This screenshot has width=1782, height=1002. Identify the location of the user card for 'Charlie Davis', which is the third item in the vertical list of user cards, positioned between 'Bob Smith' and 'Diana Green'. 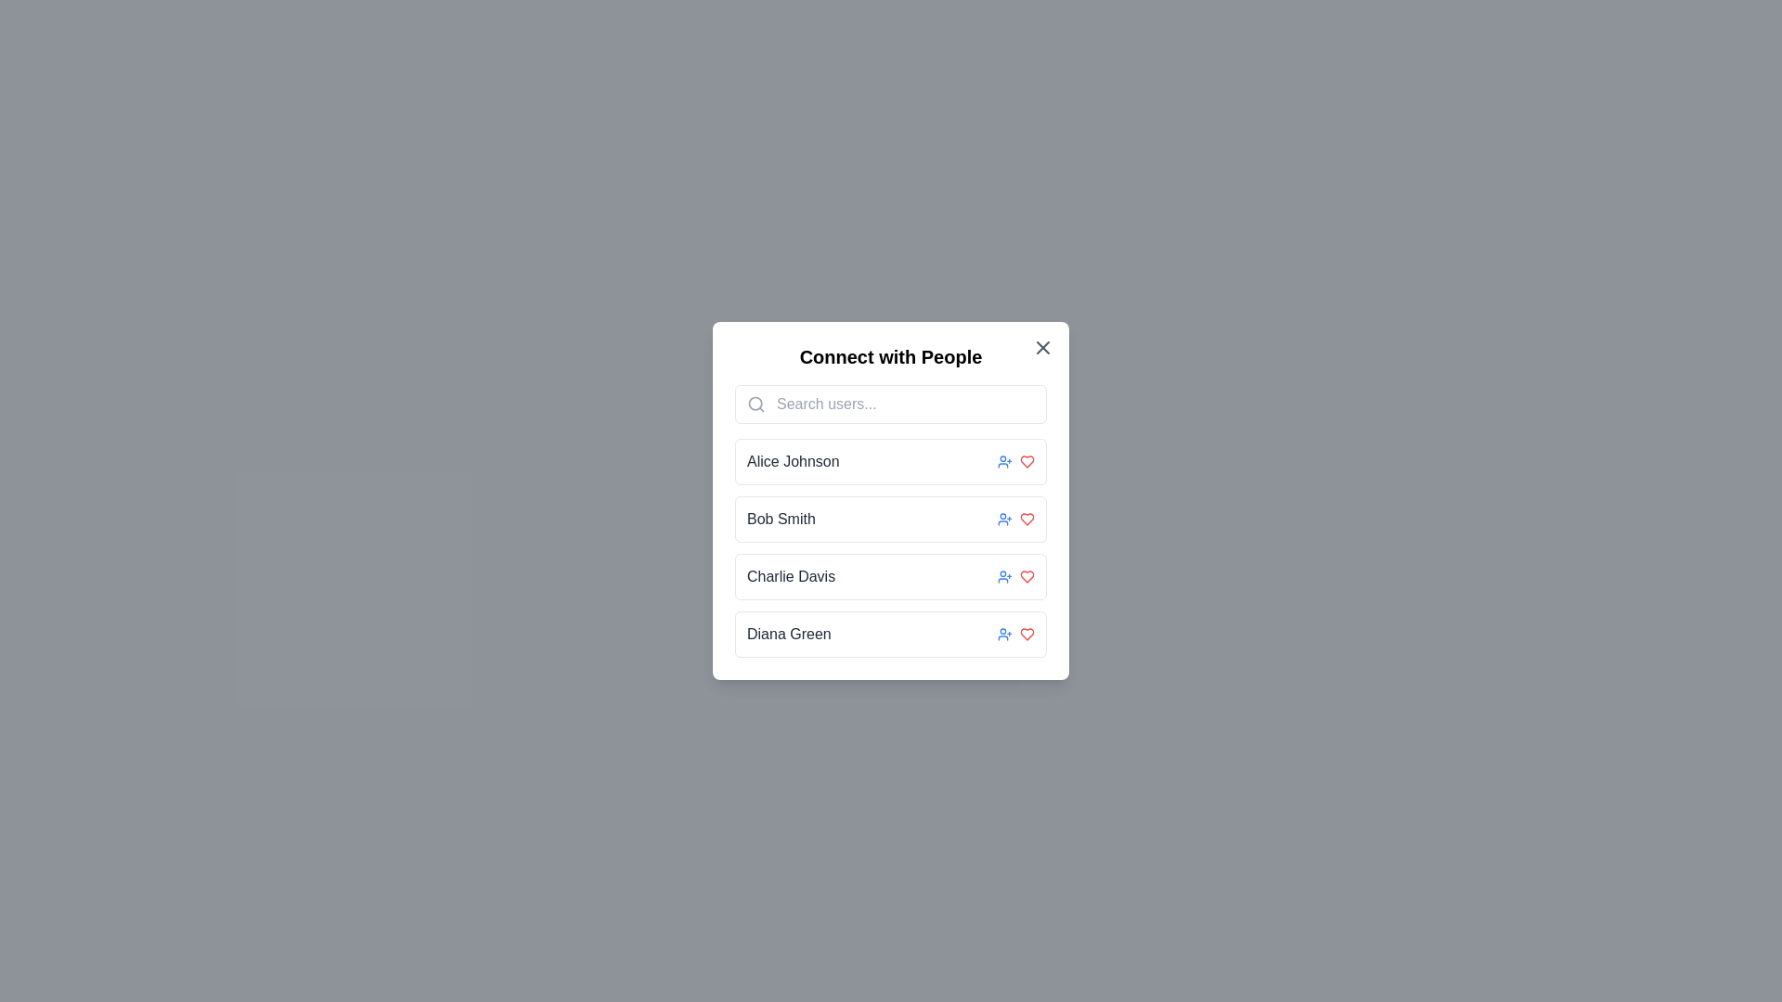
(891, 575).